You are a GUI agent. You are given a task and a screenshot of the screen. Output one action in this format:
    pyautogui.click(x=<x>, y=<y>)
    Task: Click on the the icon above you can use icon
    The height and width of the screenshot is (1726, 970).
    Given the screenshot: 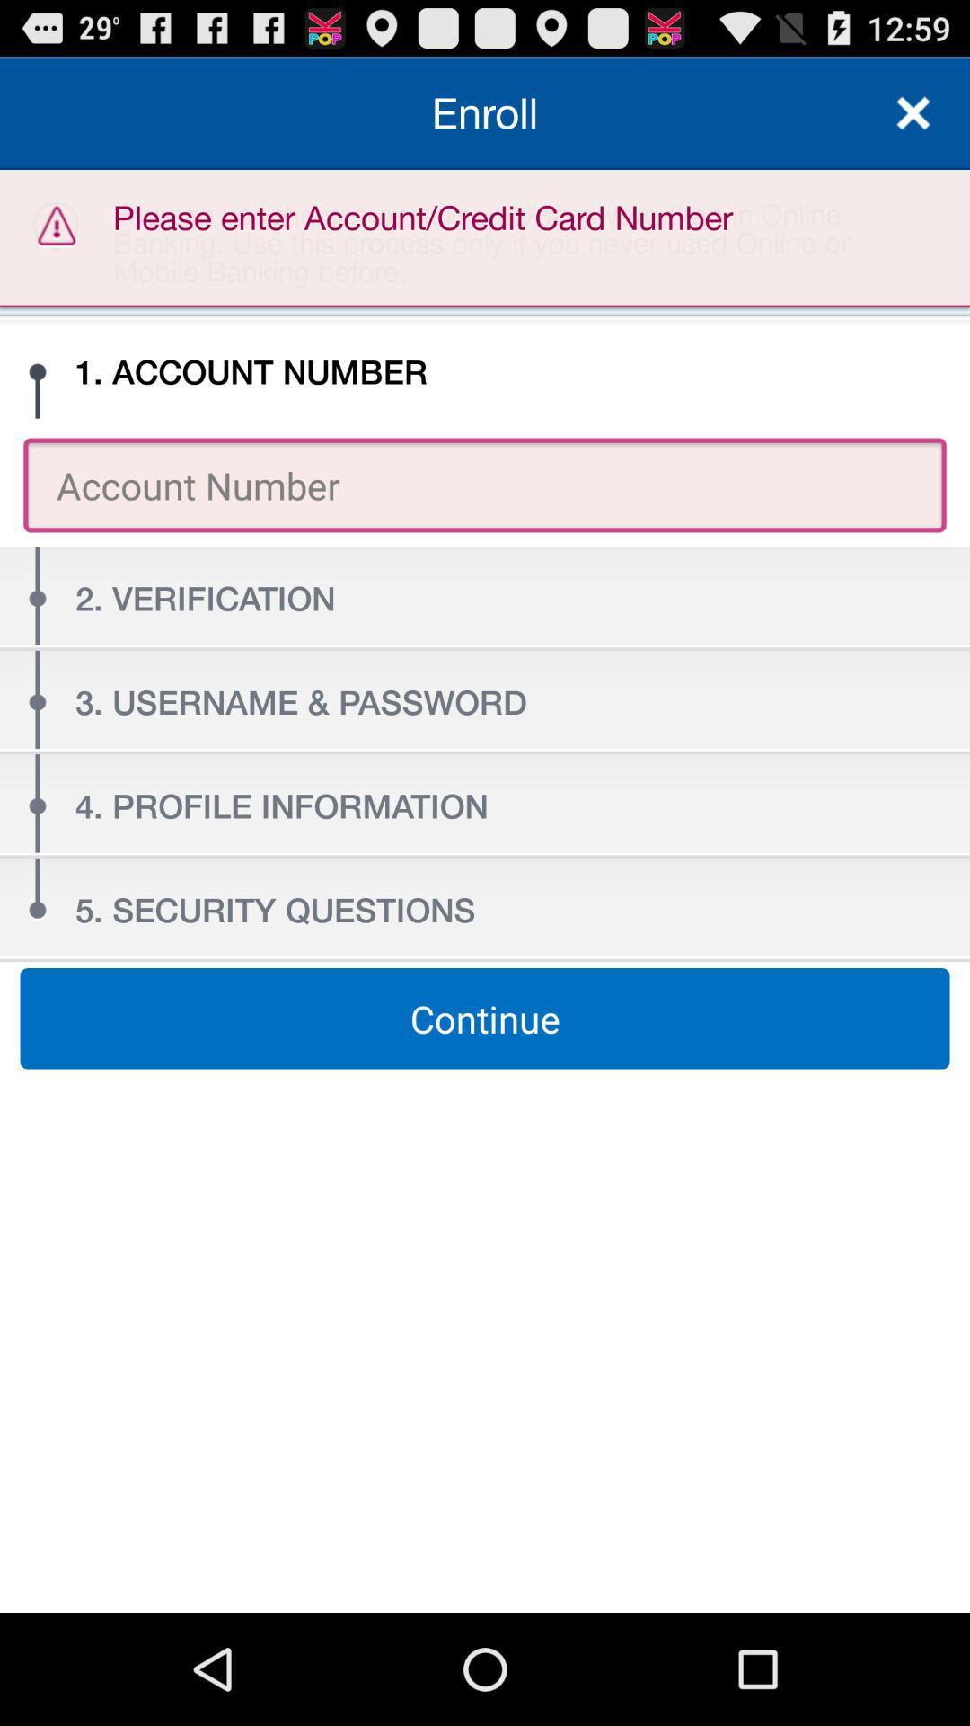 What is the action you would take?
    pyautogui.click(x=913, y=111)
    